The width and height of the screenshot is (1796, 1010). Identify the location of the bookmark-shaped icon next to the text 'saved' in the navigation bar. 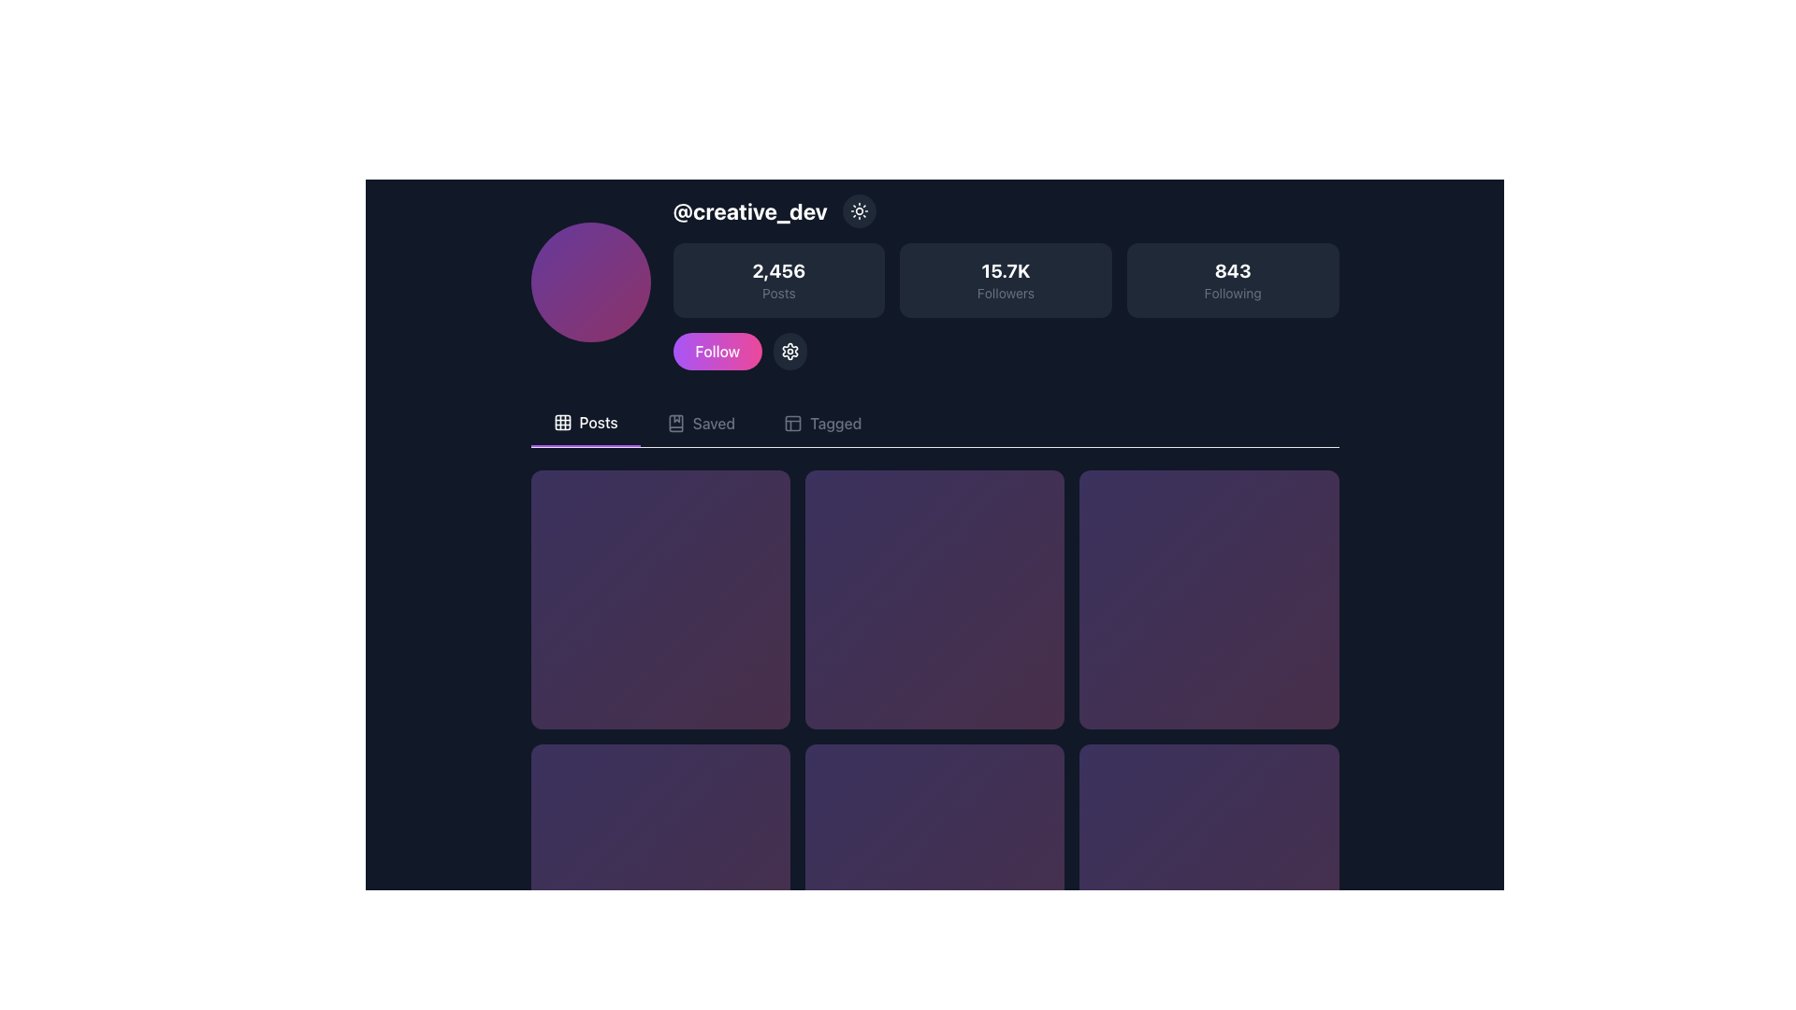
(674, 423).